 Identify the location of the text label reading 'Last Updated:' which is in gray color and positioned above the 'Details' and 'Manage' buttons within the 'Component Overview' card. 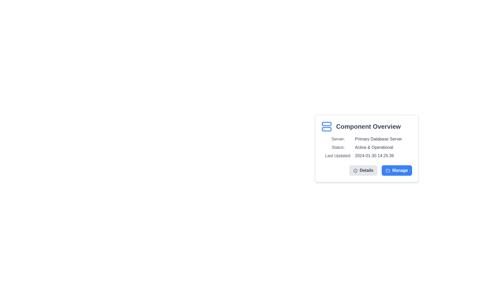
(338, 156).